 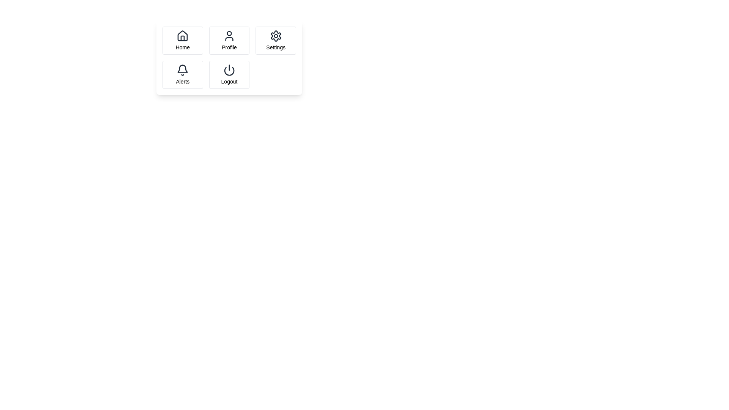 What do you see at coordinates (229, 74) in the screenshot?
I see `the logout button located in the second row and second column of the grid layout to end the user's session` at bounding box center [229, 74].